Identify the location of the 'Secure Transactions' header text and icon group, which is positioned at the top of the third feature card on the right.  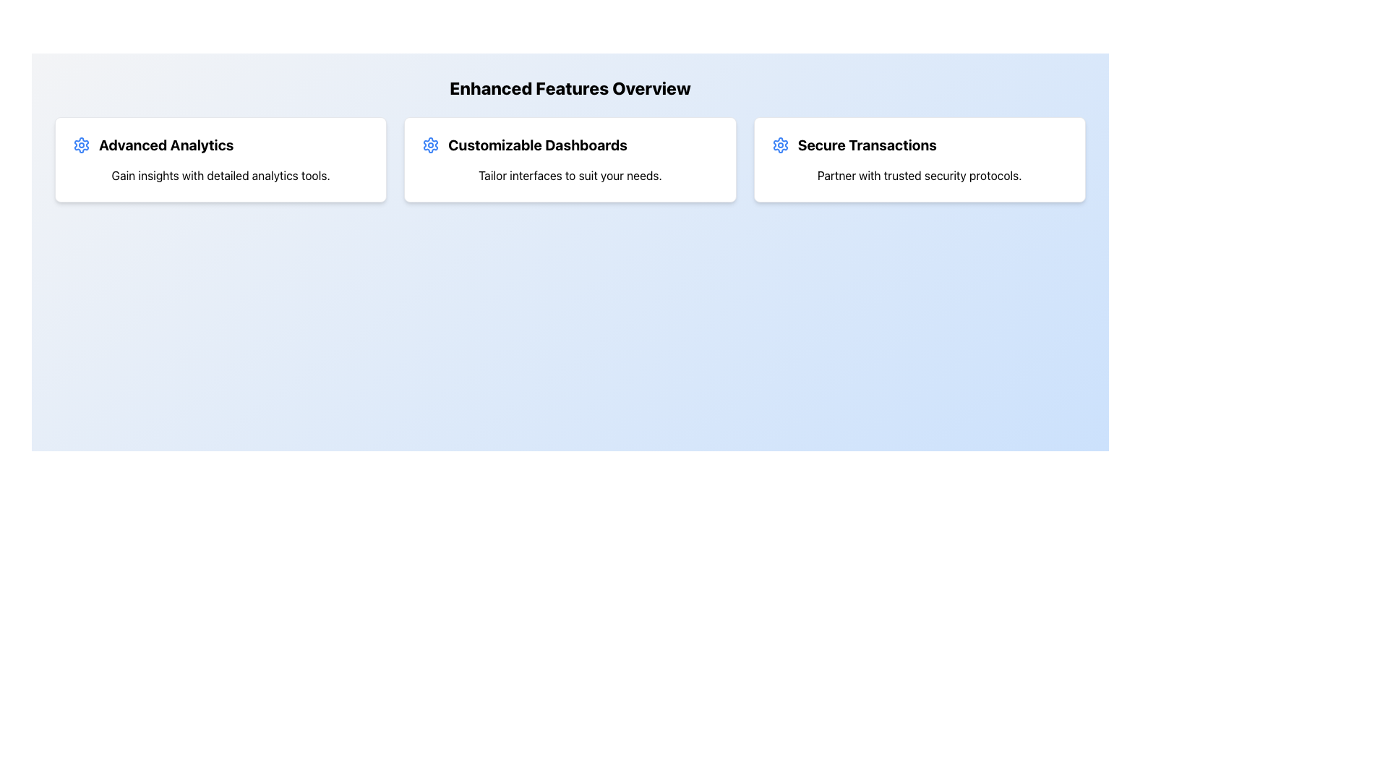
(919, 145).